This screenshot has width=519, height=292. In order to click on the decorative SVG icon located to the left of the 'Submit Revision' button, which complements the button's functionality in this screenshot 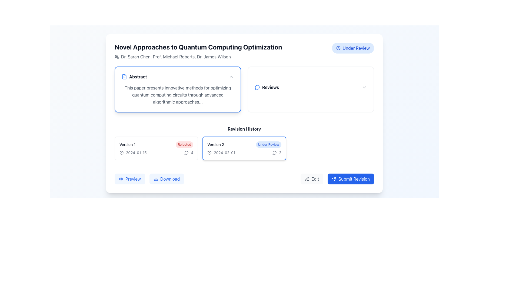, I will do `click(334, 179)`.